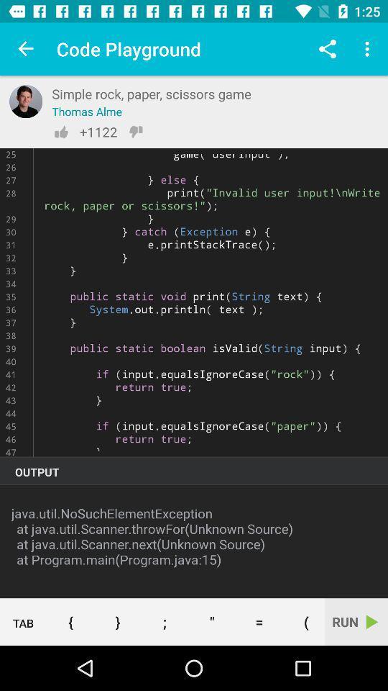  Describe the element at coordinates (26, 101) in the screenshot. I see `mini image at the top left corner` at that location.